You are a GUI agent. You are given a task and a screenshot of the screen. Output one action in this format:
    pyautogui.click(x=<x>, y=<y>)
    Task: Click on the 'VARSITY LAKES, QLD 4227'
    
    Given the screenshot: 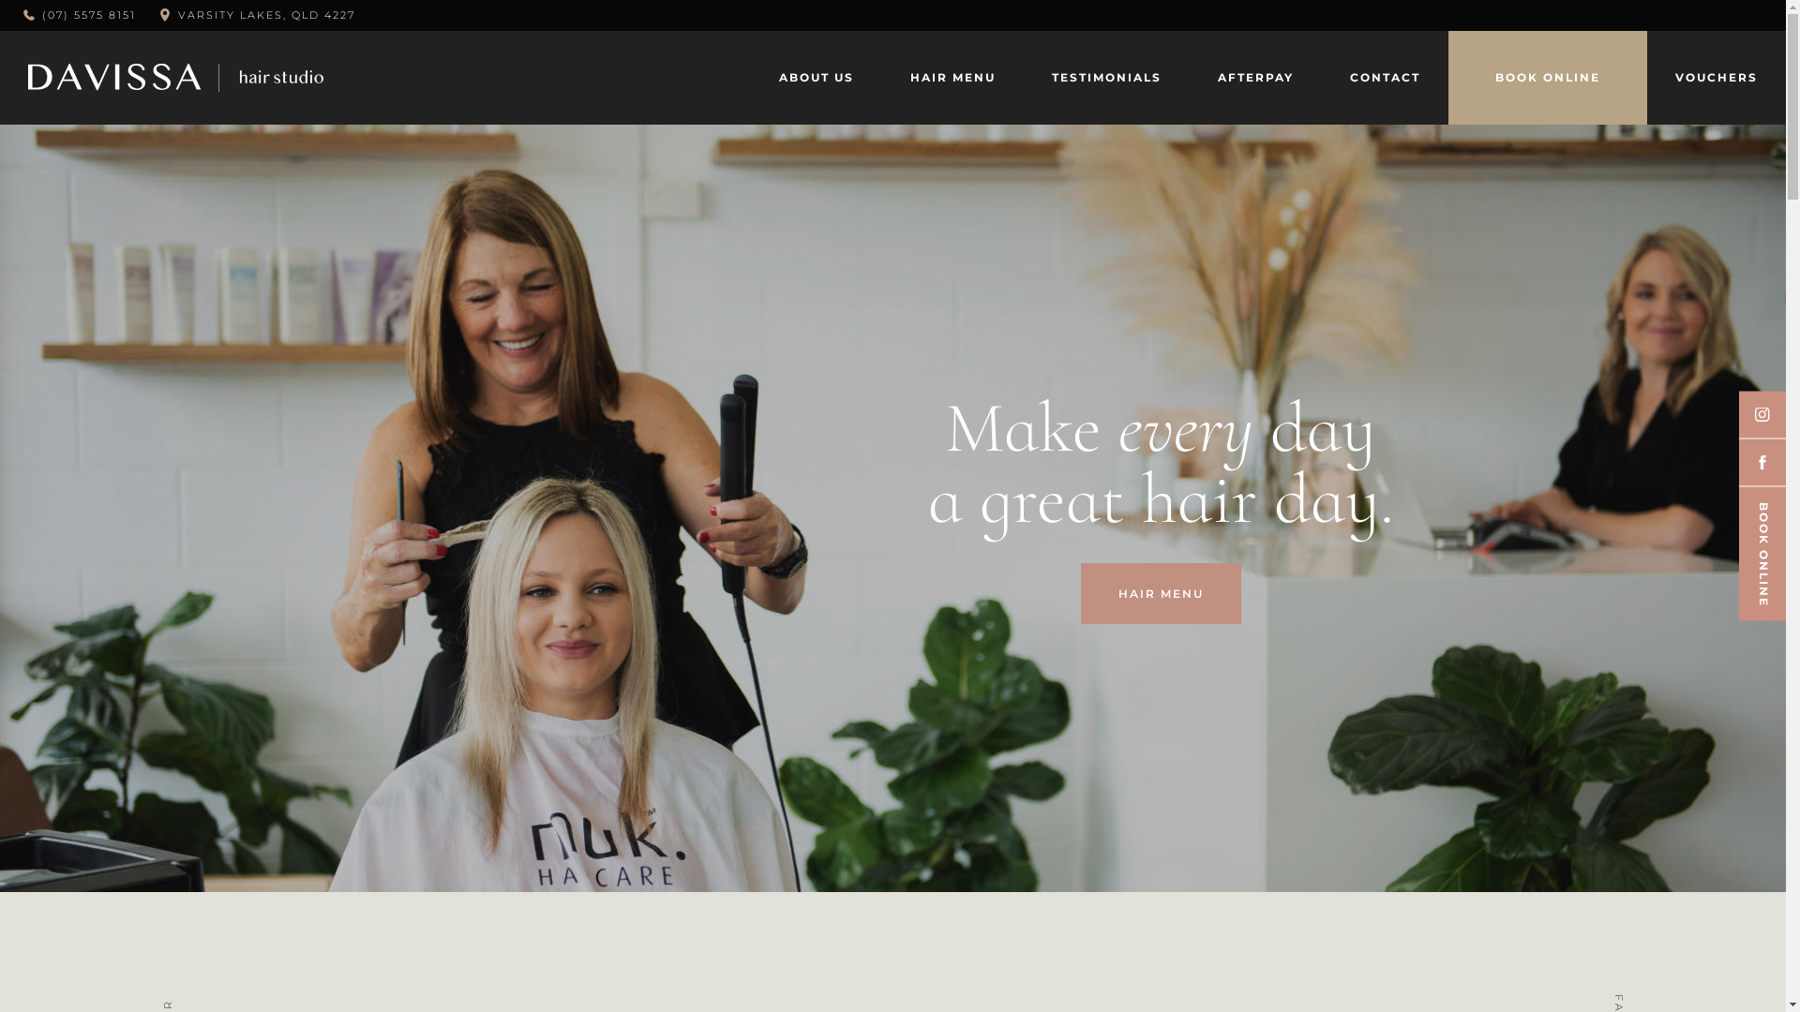 What is the action you would take?
    pyautogui.click(x=178, y=14)
    